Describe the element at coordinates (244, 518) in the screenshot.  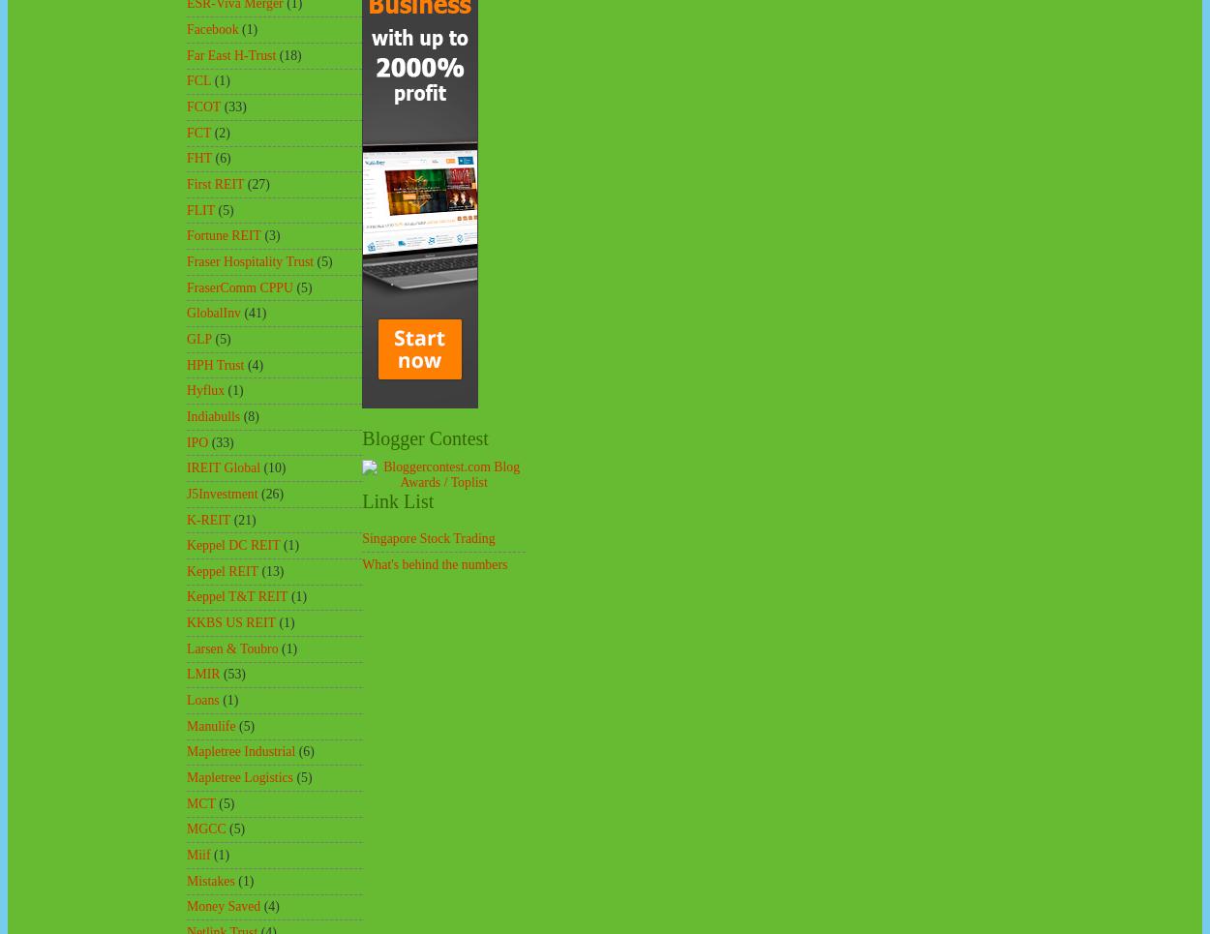
I see `'(21)'` at that location.